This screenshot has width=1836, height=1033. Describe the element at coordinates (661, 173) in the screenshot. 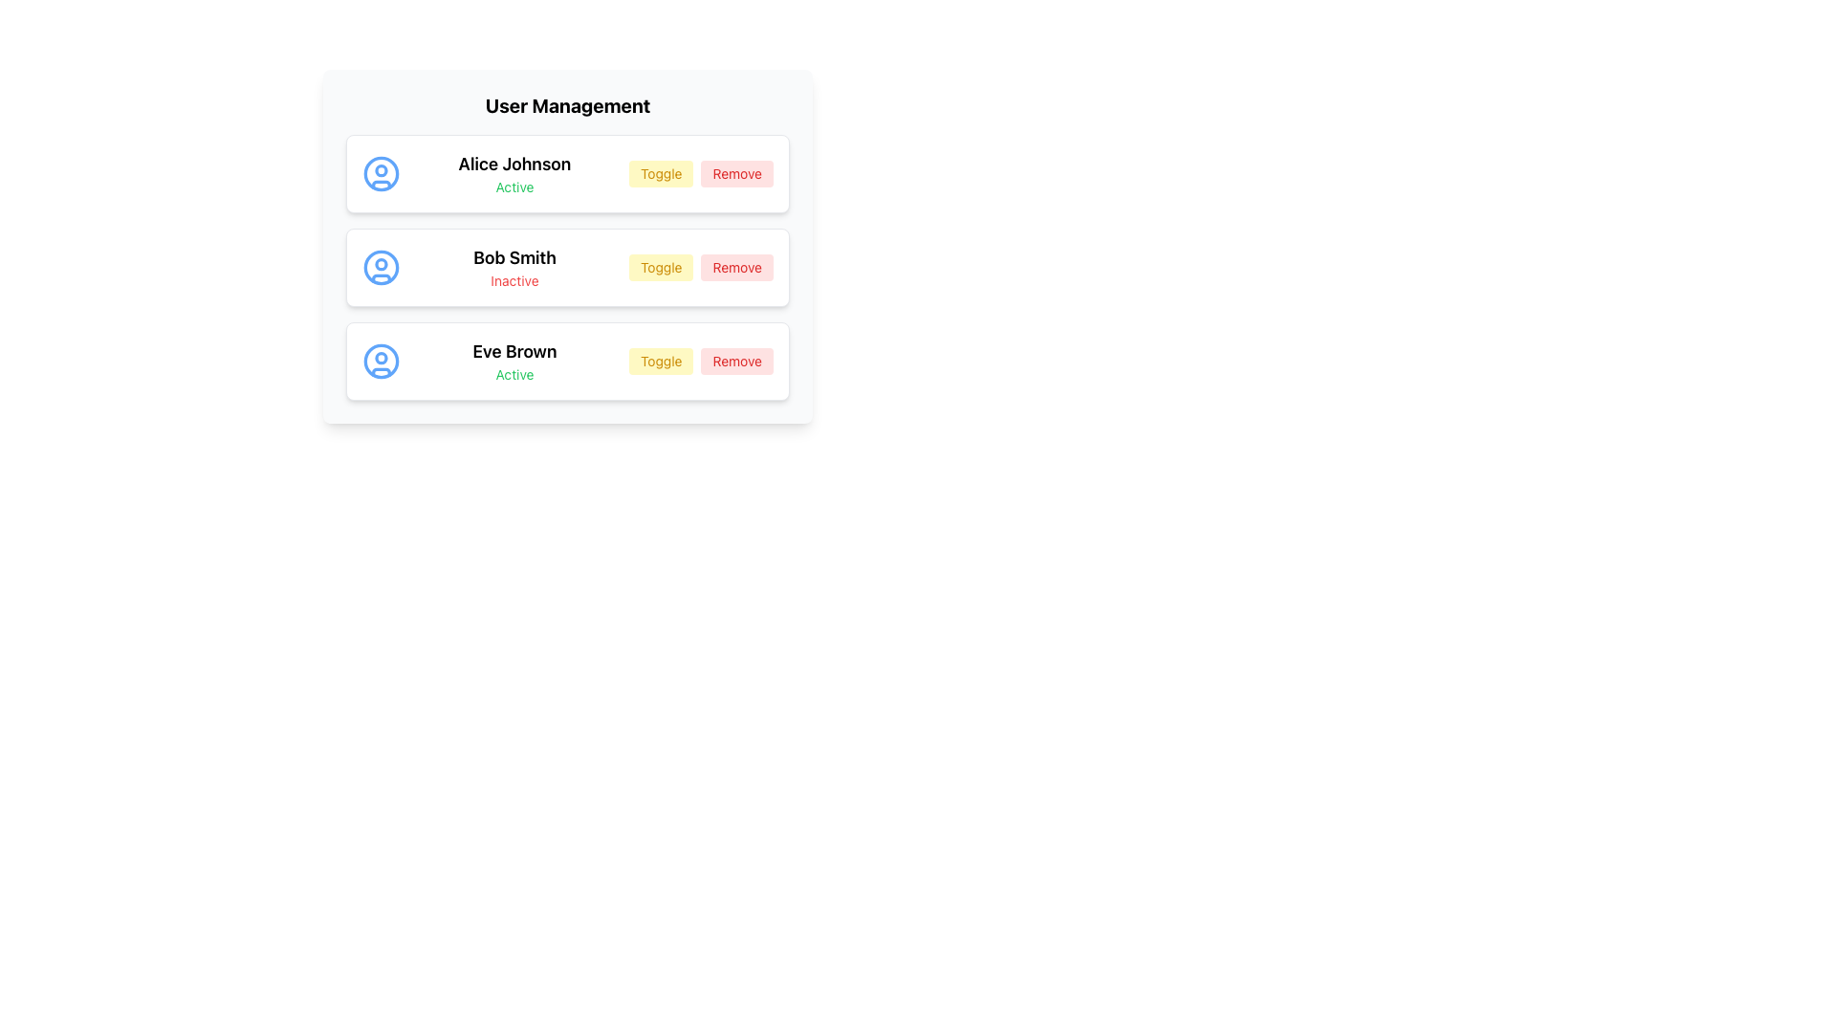

I see `the 'Toggle' button located in the 'User Management' section, which is the first button to the right of the user 'Alice Johnson'` at that location.